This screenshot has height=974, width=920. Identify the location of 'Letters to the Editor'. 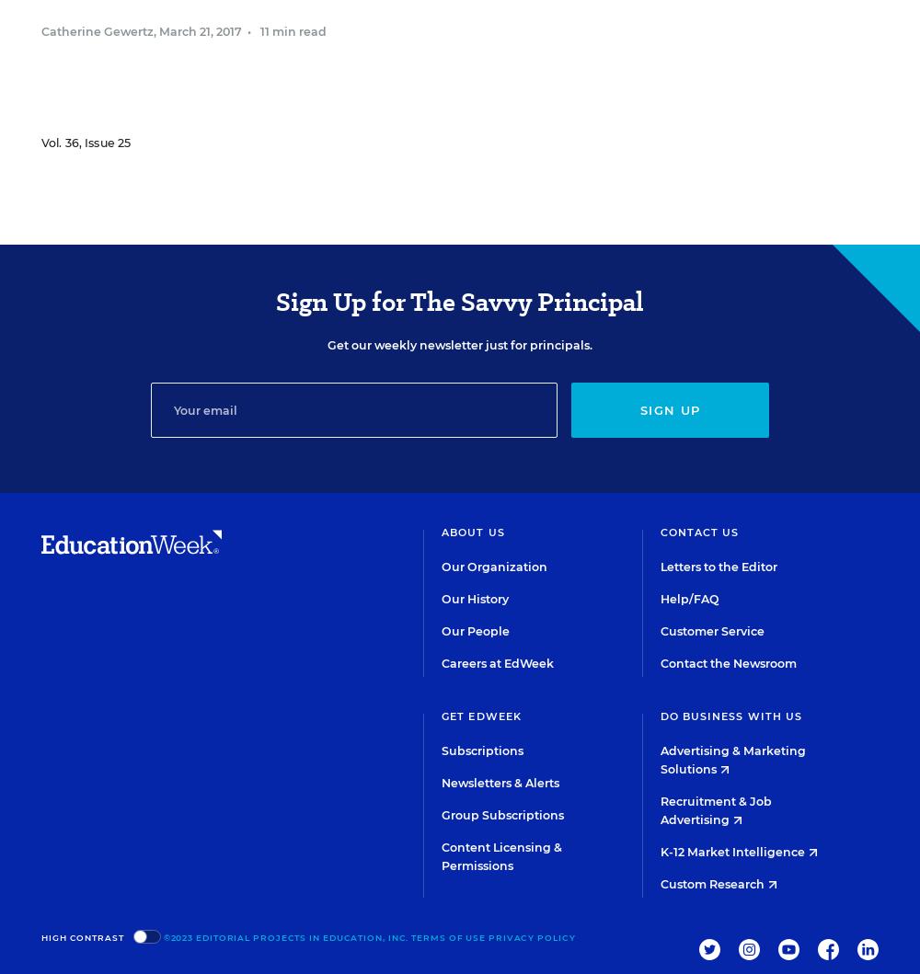
(718, 566).